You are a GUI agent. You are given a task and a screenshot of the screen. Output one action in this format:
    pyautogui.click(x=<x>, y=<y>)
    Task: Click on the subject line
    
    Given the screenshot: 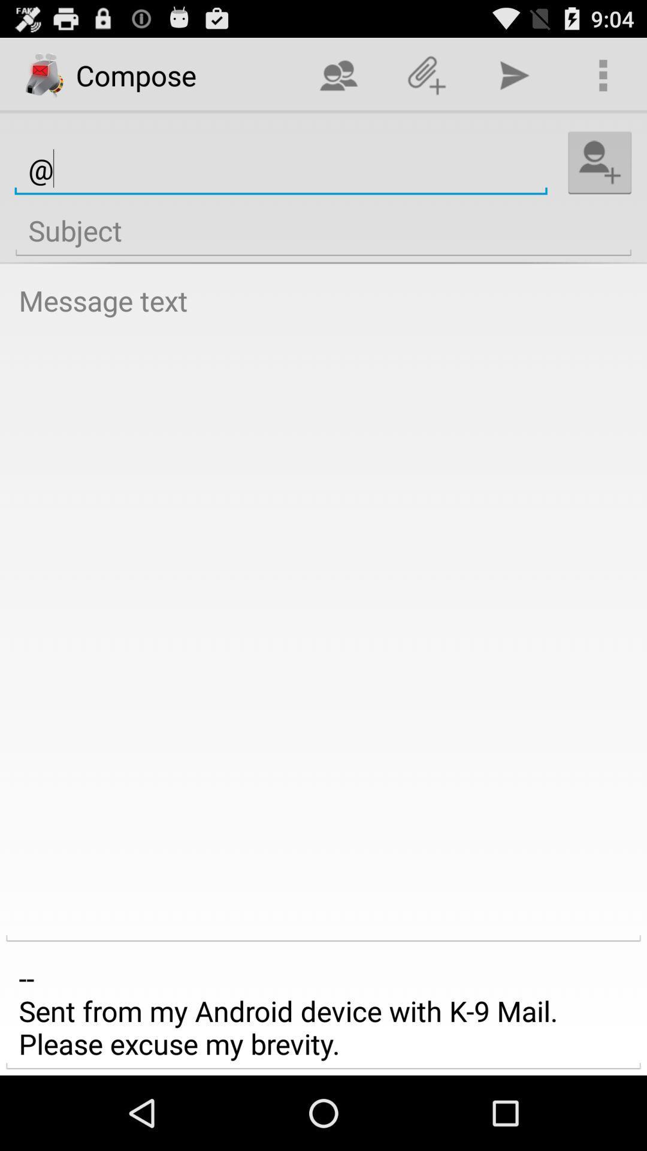 What is the action you would take?
    pyautogui.click(x=323, y=231)
    